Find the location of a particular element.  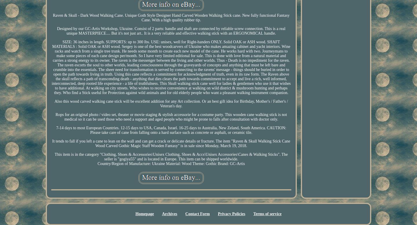

'This item is in the category "Clothing, Shoes & Accessories\Unisex Clothing, Shoes & Accs\Unisex Accessories\Canes & Walking Sticks". The seller is "gogiya55" and is located in Europe. This item can be shipped worldwide.' is located at coordinates (171, 156).